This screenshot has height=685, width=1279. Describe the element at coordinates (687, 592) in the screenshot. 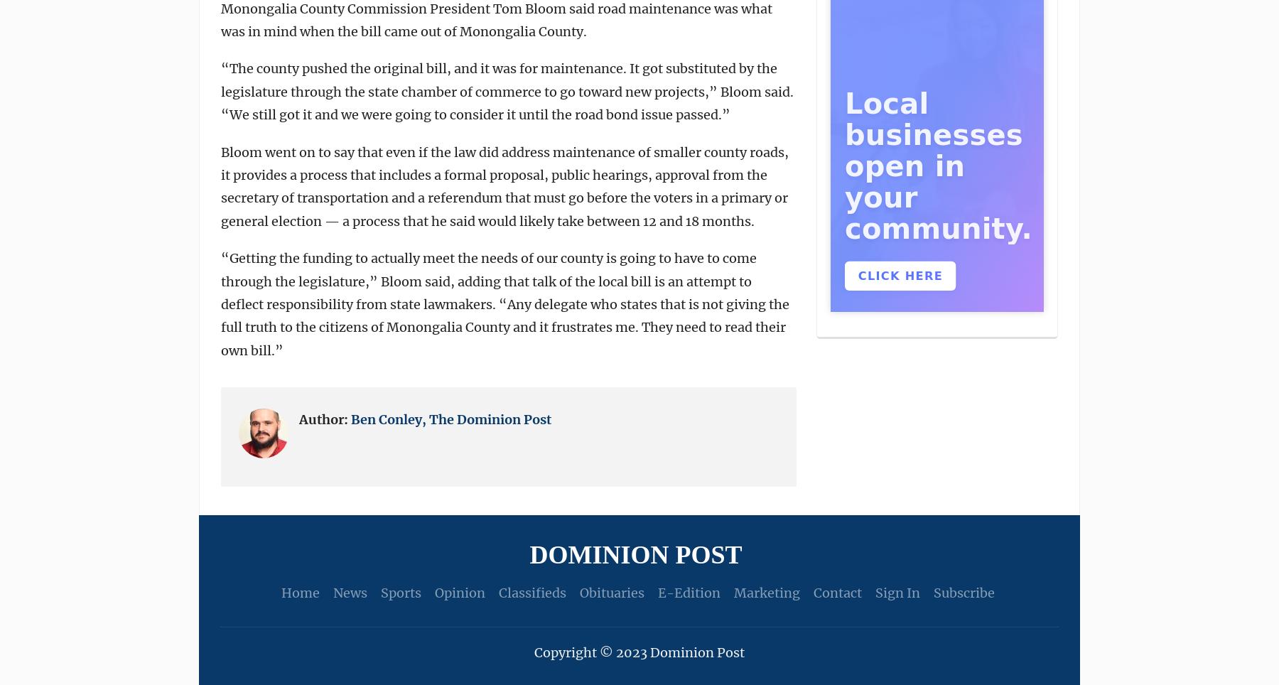

I see `'E-Edition'` at that location.